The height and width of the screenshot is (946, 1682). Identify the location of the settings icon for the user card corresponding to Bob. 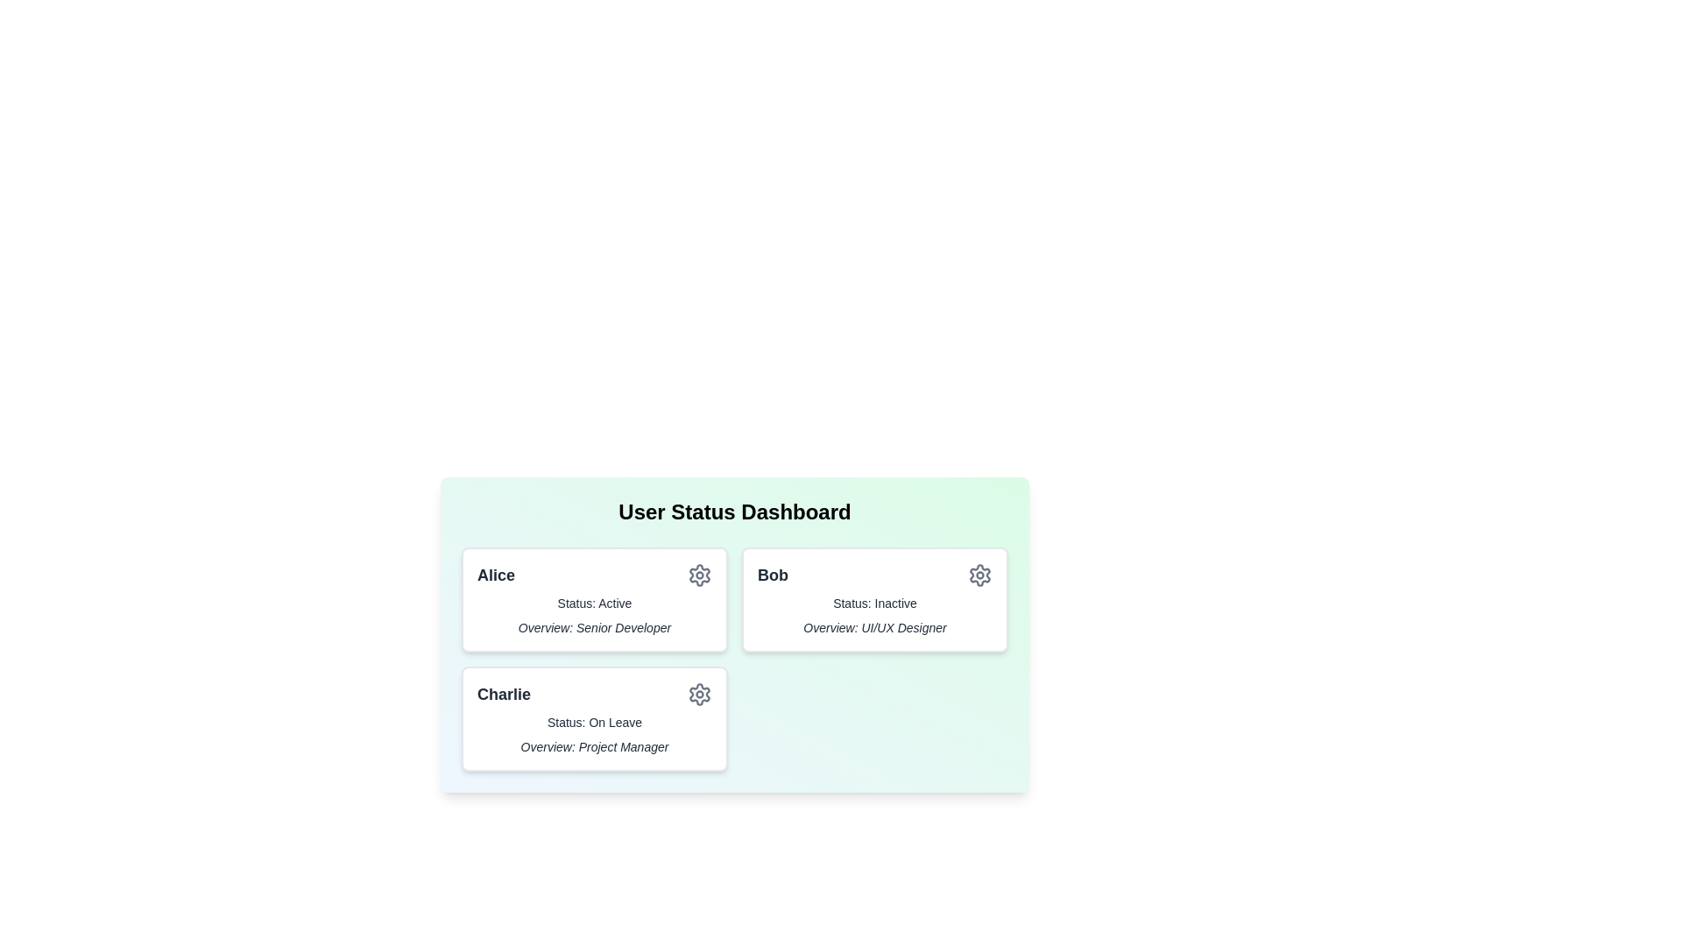
(979, 575).